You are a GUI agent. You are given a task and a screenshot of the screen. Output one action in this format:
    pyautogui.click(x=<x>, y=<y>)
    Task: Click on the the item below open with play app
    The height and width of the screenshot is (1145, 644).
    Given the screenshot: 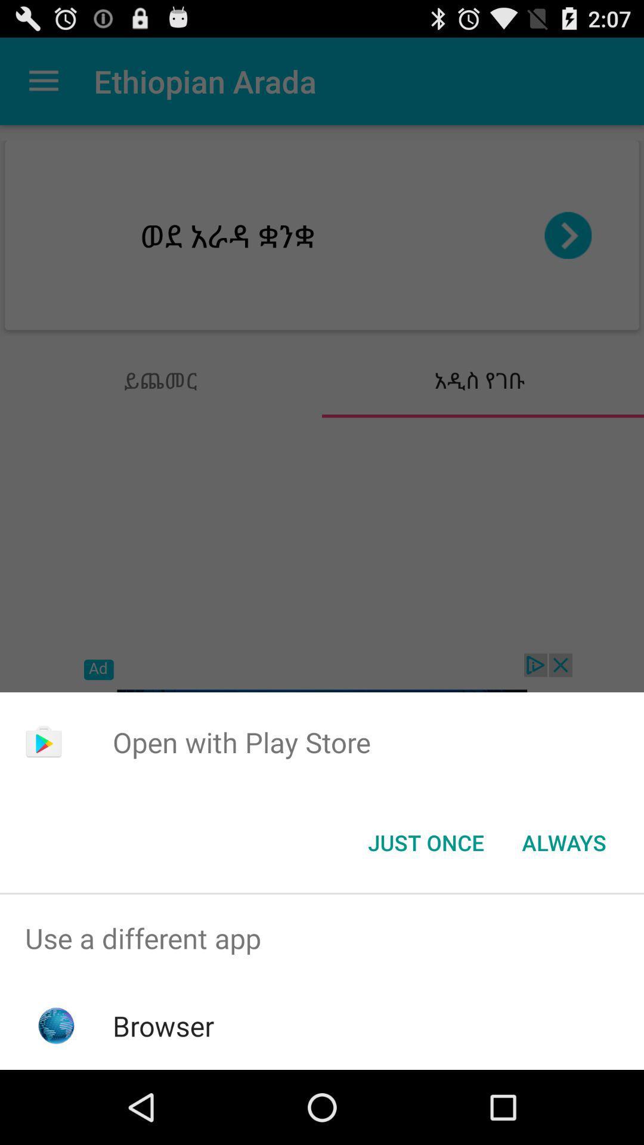 What is the action you would take?
    pyautogui.click(x=425, y=841)
    